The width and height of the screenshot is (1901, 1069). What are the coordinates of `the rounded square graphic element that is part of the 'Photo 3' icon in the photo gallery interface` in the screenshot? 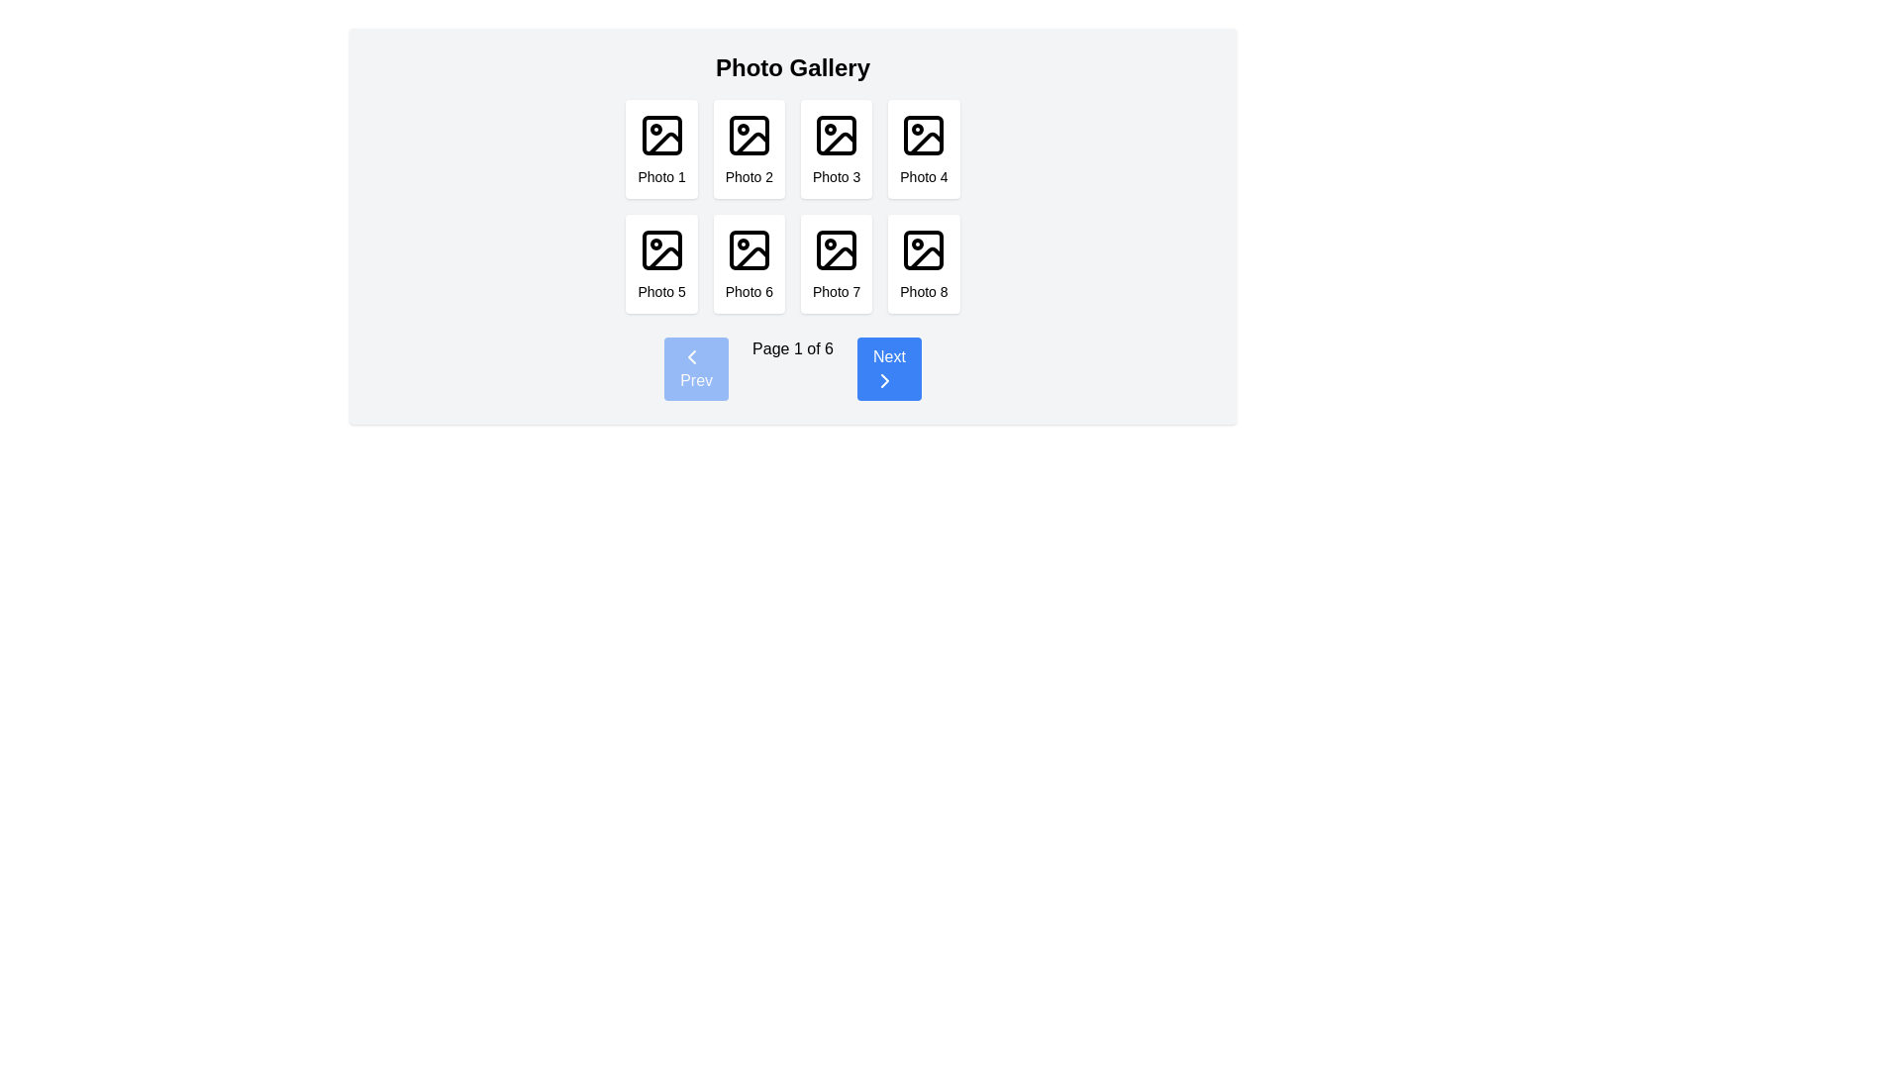 It's located at (837, 135).